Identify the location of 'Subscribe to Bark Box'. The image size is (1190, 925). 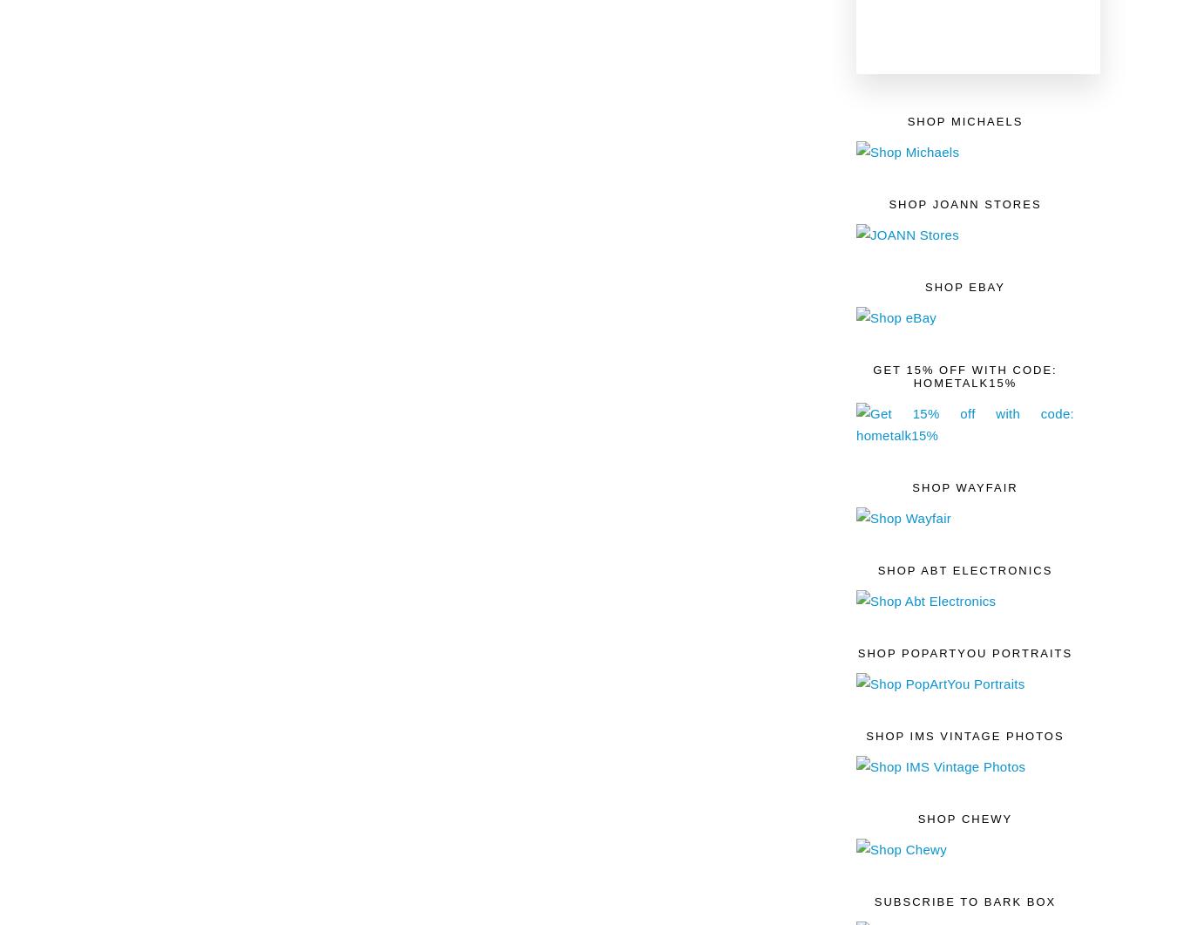
(963, 900).